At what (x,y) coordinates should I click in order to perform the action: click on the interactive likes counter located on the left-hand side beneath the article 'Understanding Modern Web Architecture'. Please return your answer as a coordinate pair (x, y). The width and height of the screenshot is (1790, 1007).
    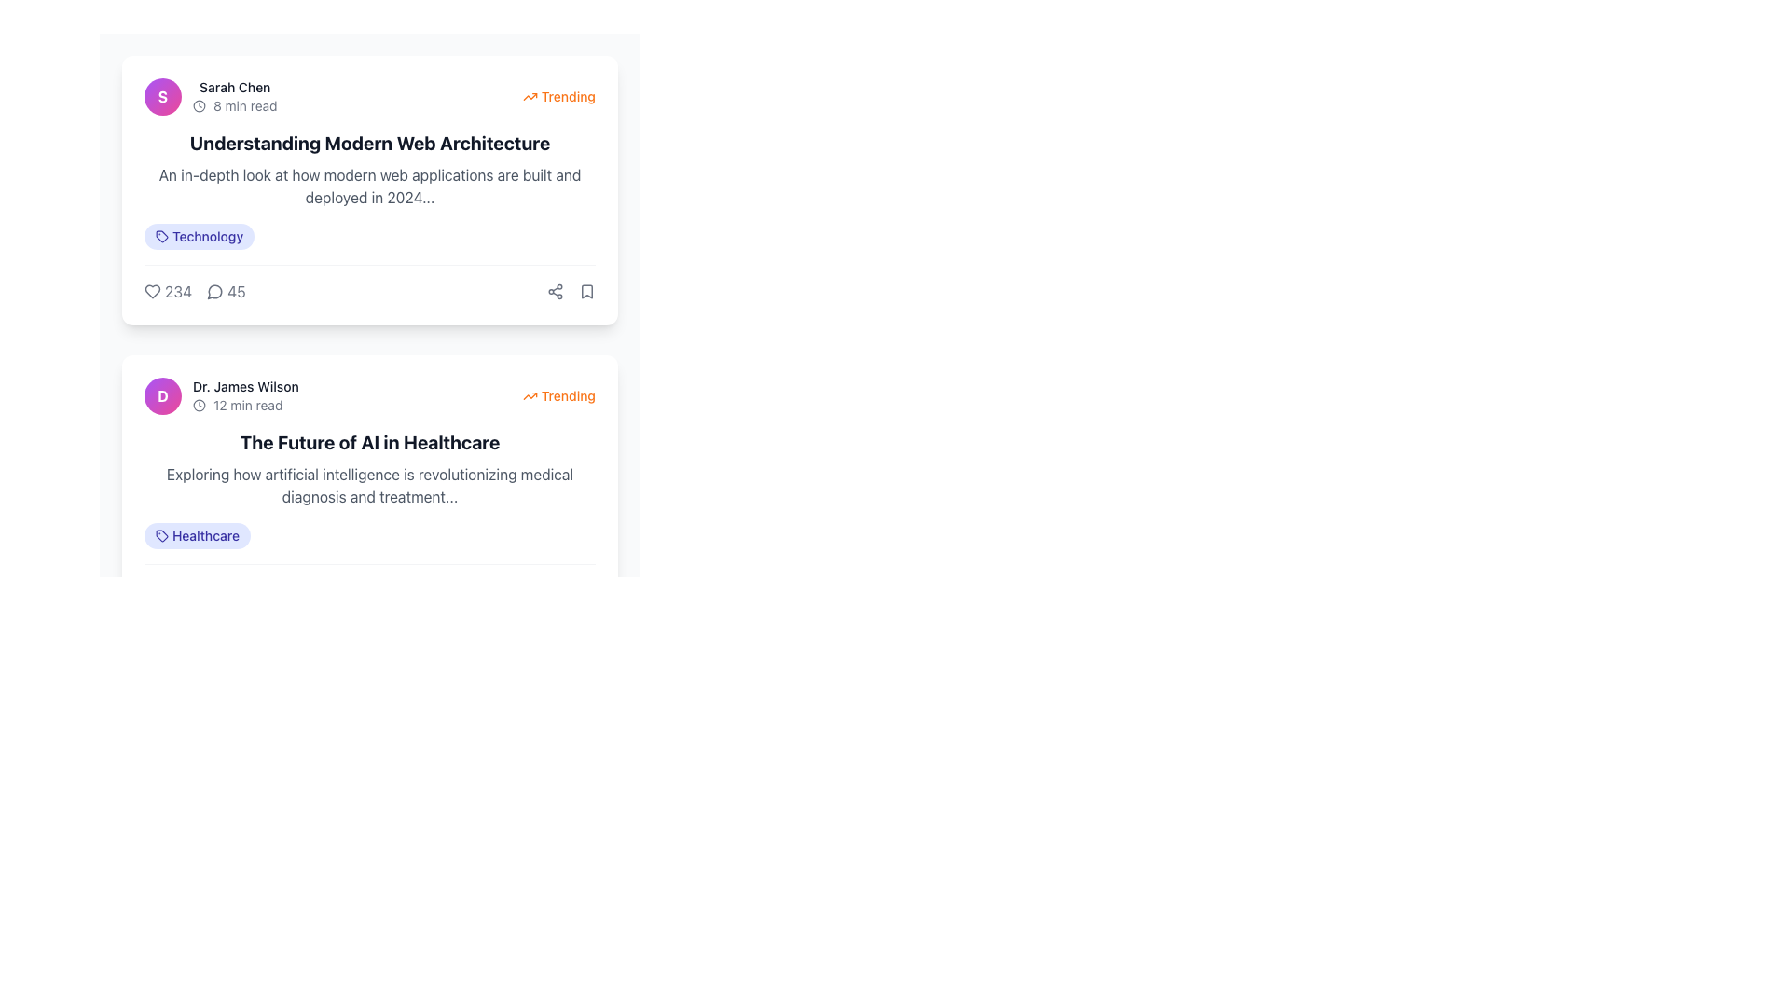
    Looking at the image, I should click on (168, 291).